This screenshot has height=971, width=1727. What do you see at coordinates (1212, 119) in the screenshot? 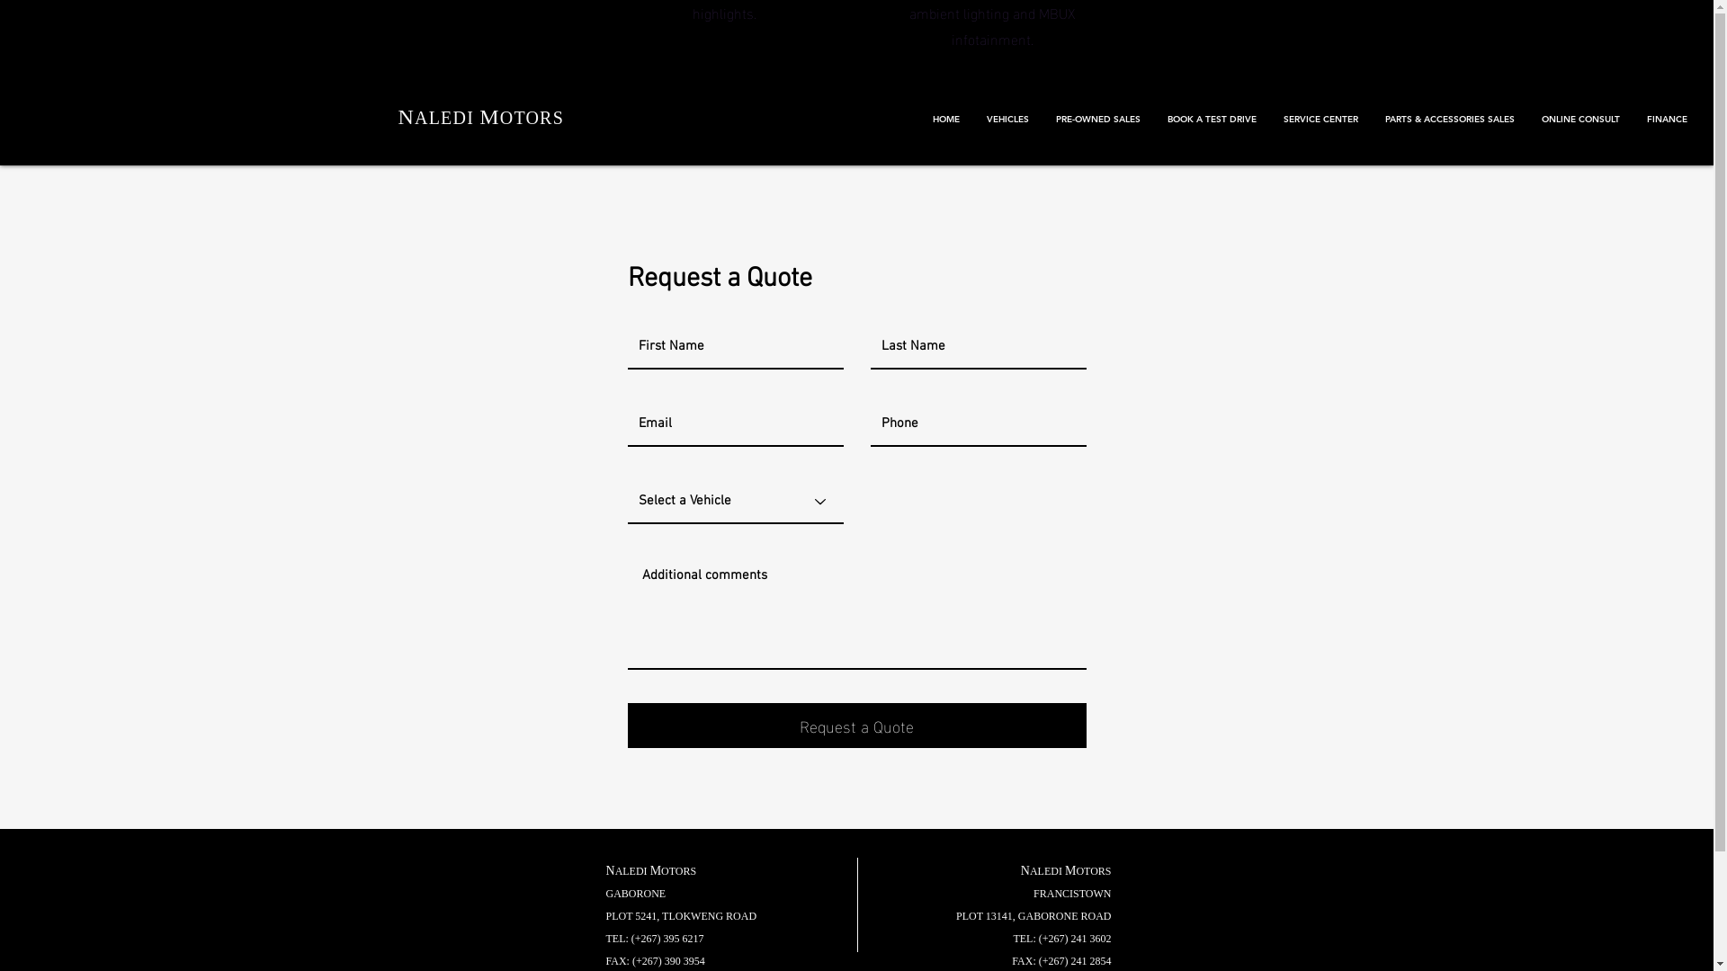
I see `'BOOK A TEST DRIVE'` at bounding box center [1212, 119].